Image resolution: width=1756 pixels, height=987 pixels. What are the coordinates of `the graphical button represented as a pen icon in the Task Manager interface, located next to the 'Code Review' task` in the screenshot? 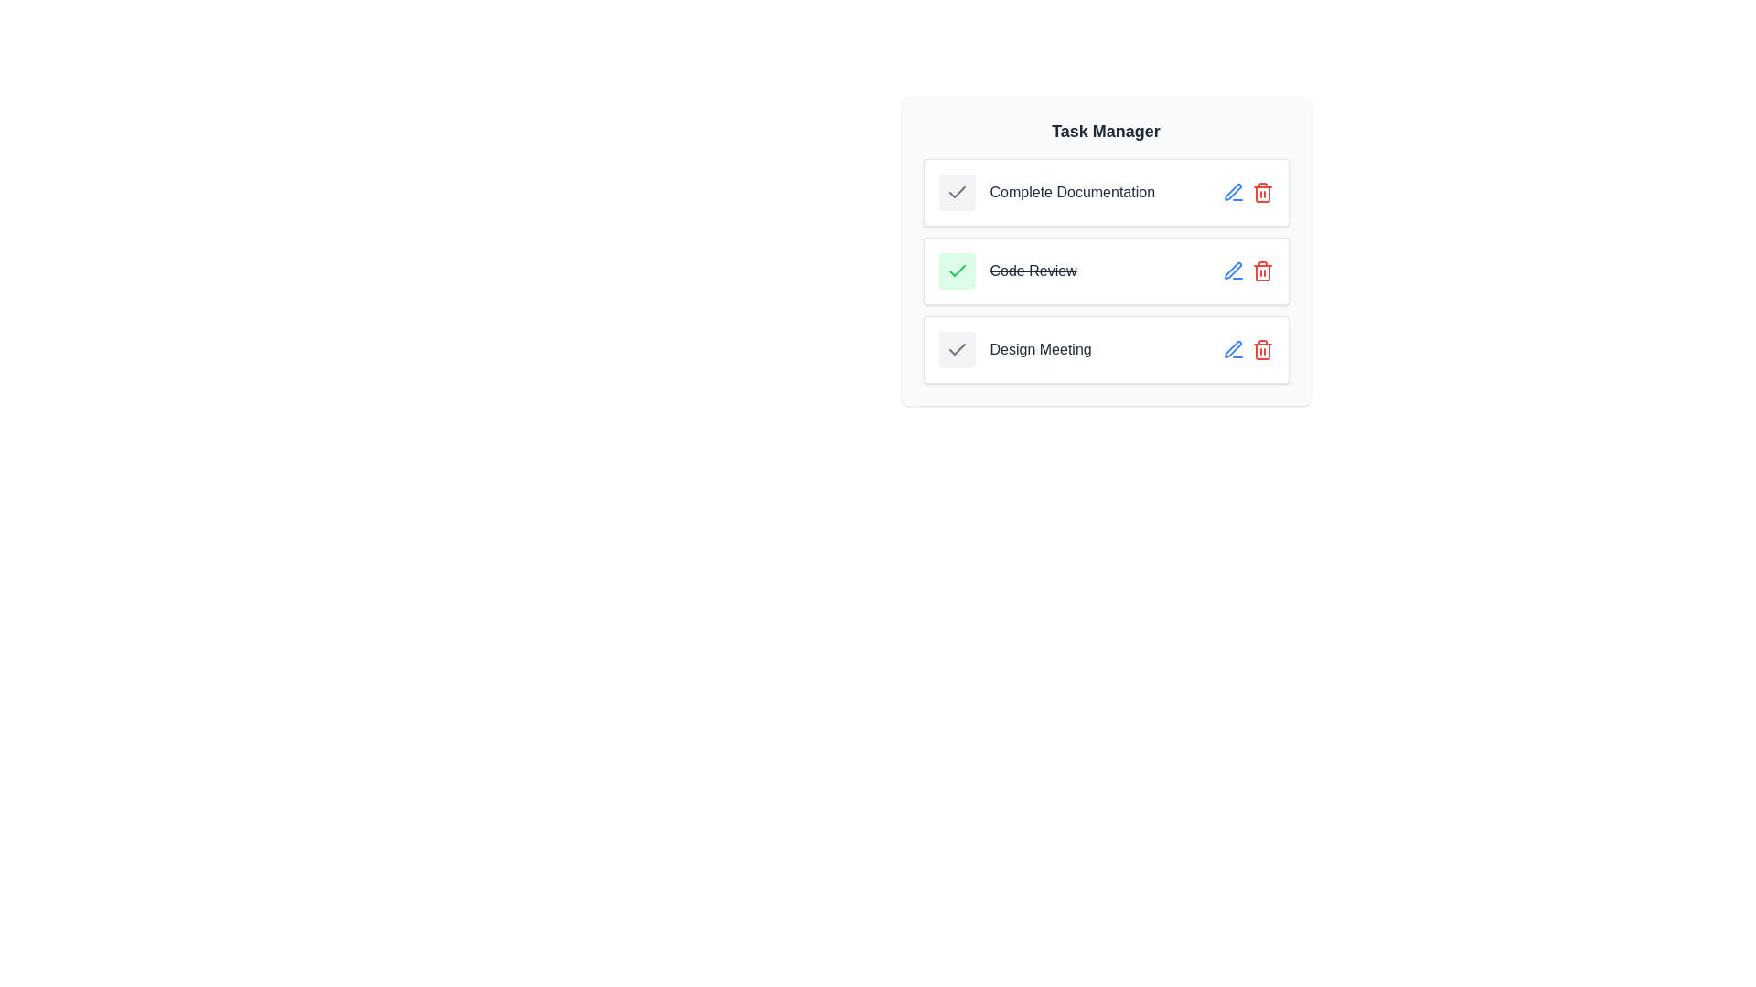 It's located at (1233, 349).